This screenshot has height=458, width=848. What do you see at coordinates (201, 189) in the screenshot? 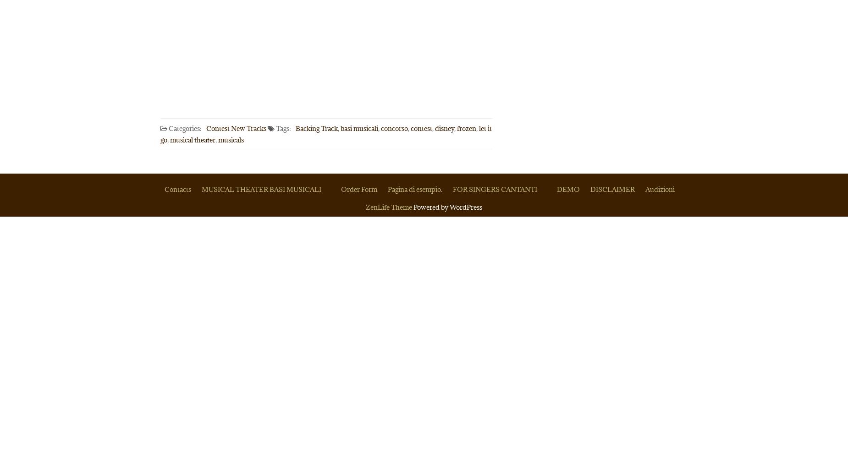
I see `'MUSICAL THEATER'` at bounding box center [201, 189].